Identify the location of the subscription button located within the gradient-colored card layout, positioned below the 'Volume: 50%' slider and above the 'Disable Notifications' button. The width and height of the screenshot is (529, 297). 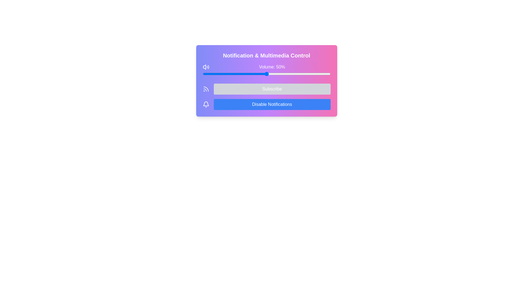
(266, 89).